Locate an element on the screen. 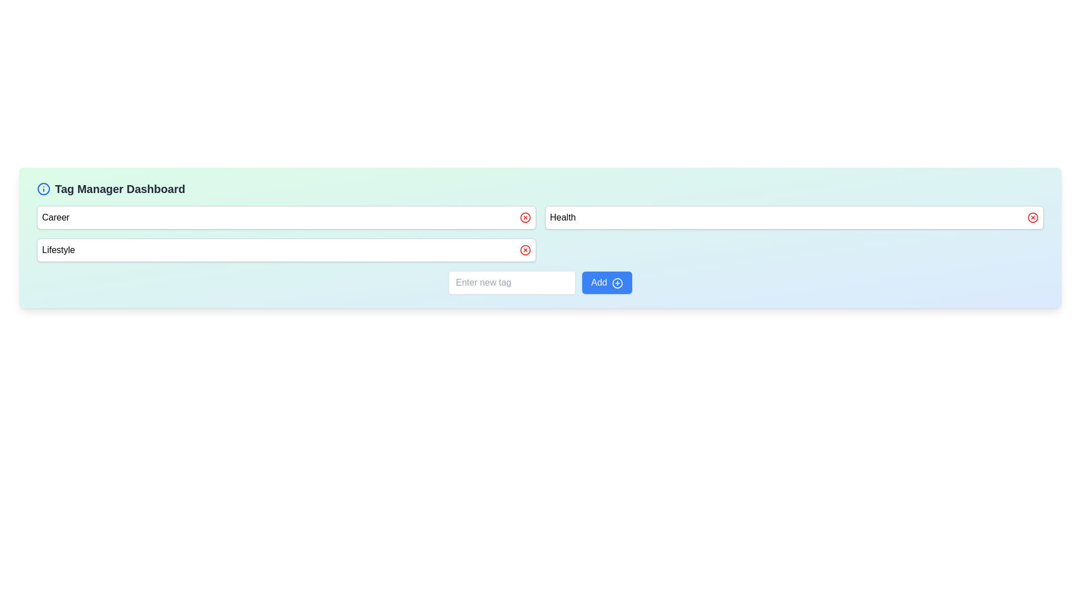  the button located in the top-right corner of the second row's input field labeled 'Lifestyle' is located at coordinates (1033, 218).